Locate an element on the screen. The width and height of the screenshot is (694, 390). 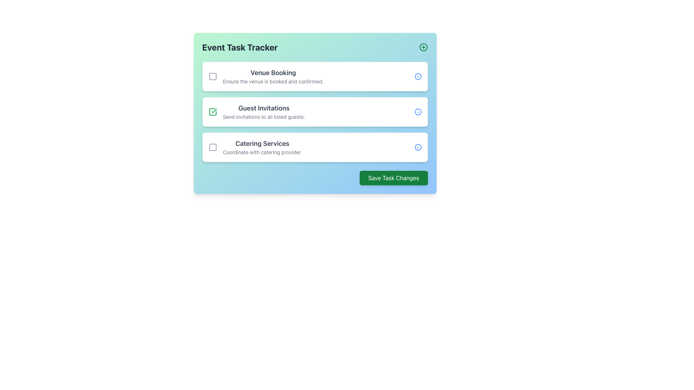
the green rectangular button labeled 'Save Task Changes' is located at coordinates (393, 178).